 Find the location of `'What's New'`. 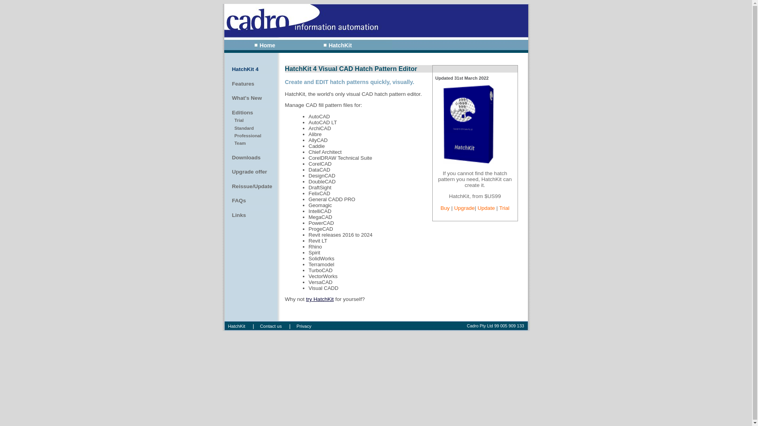

'What's New' is located at coordinates (250, 98).